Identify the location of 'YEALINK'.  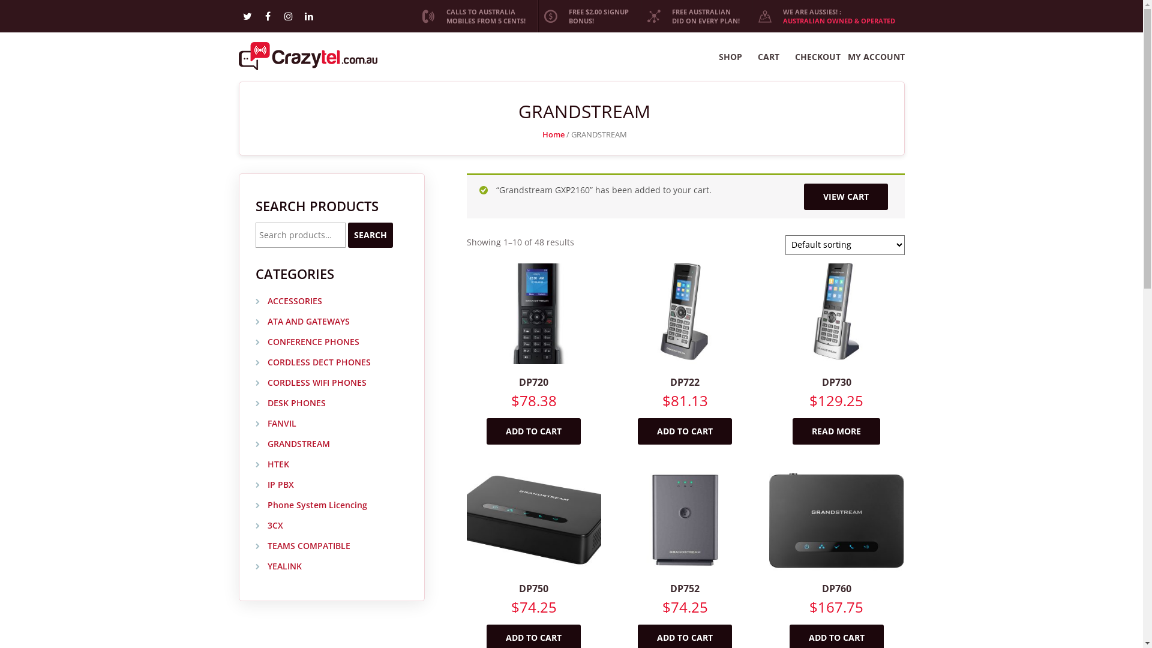
(255, 566).